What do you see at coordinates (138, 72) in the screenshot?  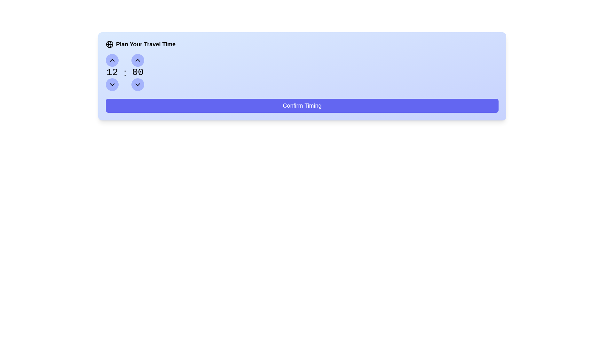 I see `the Static Text Display that shows a numeric value ('00') styled in a monospaced font, located to the right of the numeric hour display ('12')` at bounding box center [138, 72].